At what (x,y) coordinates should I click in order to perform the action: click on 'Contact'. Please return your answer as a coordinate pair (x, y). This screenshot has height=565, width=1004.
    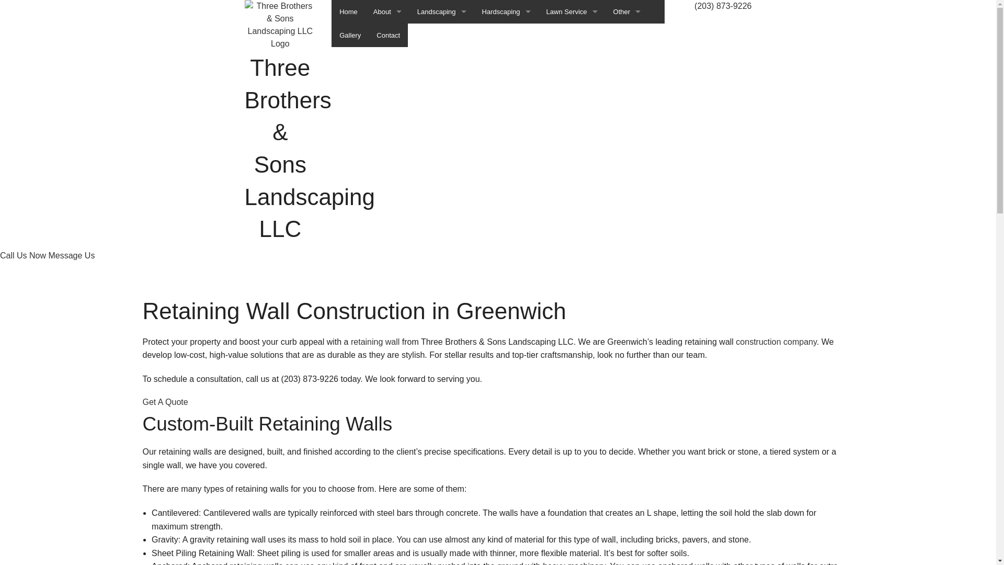
    Looking at the image, I should click on (387, 35).